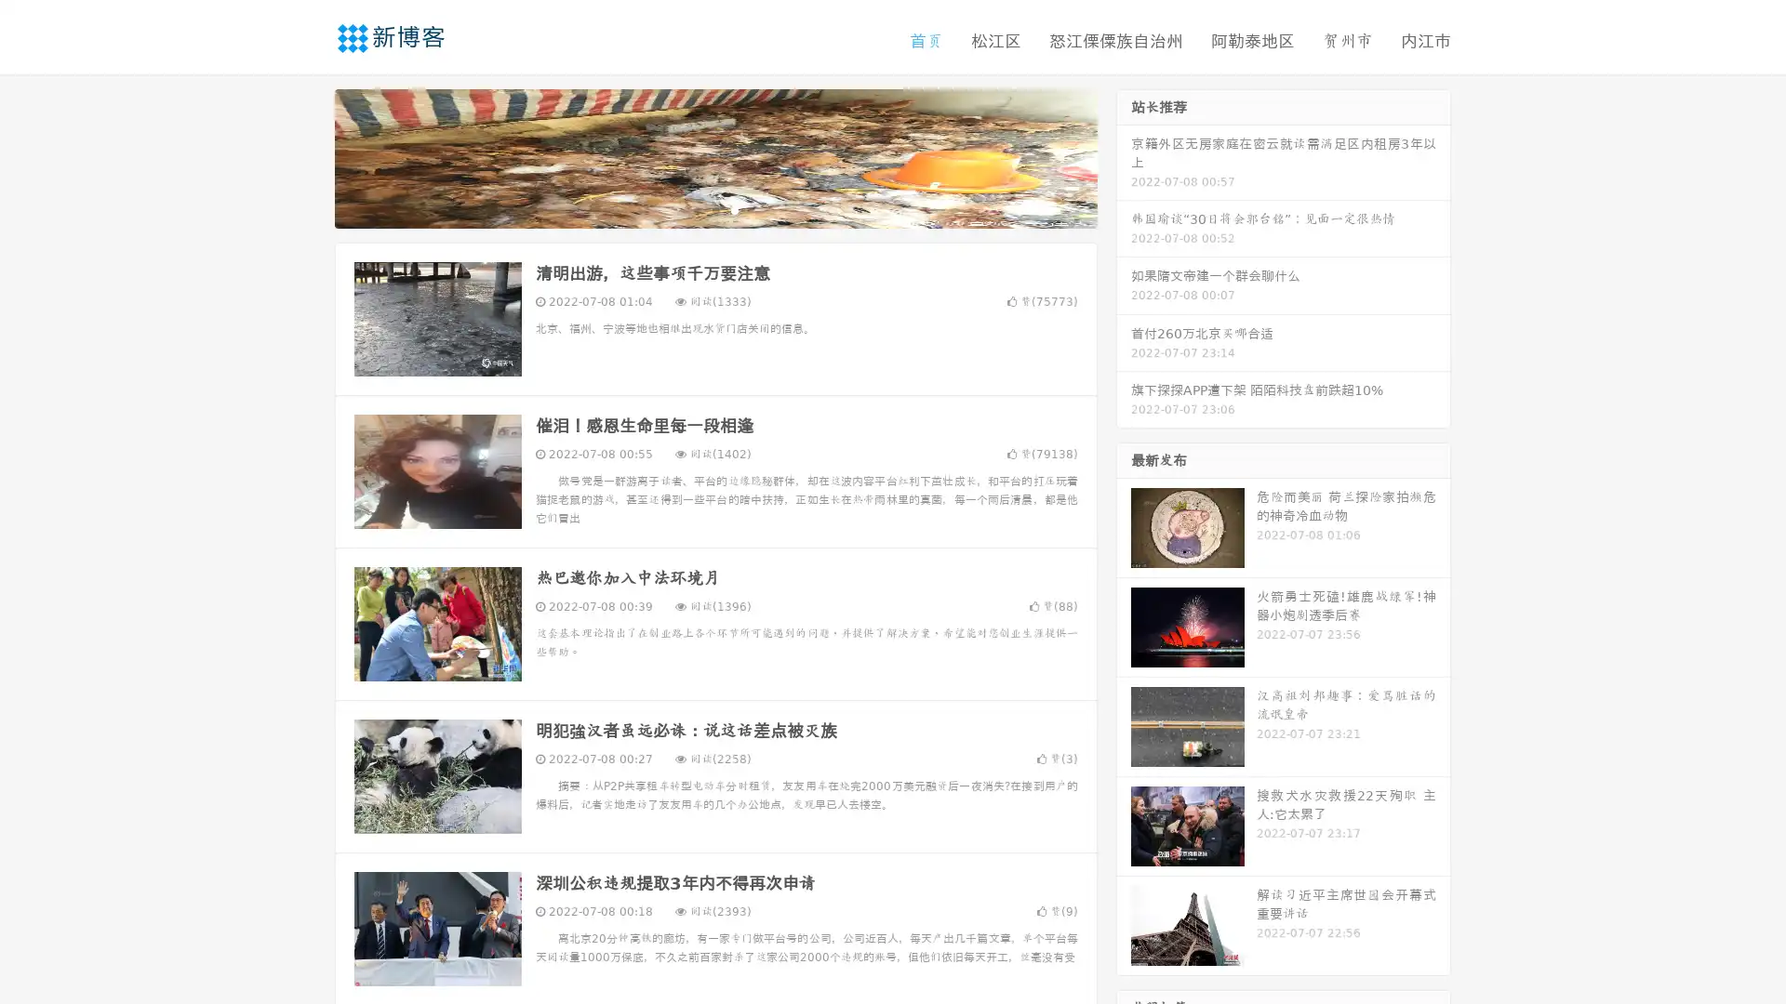 This screenshot has width=1786, height=1004. I want to click on Go to slide 3, so click(734, 209).